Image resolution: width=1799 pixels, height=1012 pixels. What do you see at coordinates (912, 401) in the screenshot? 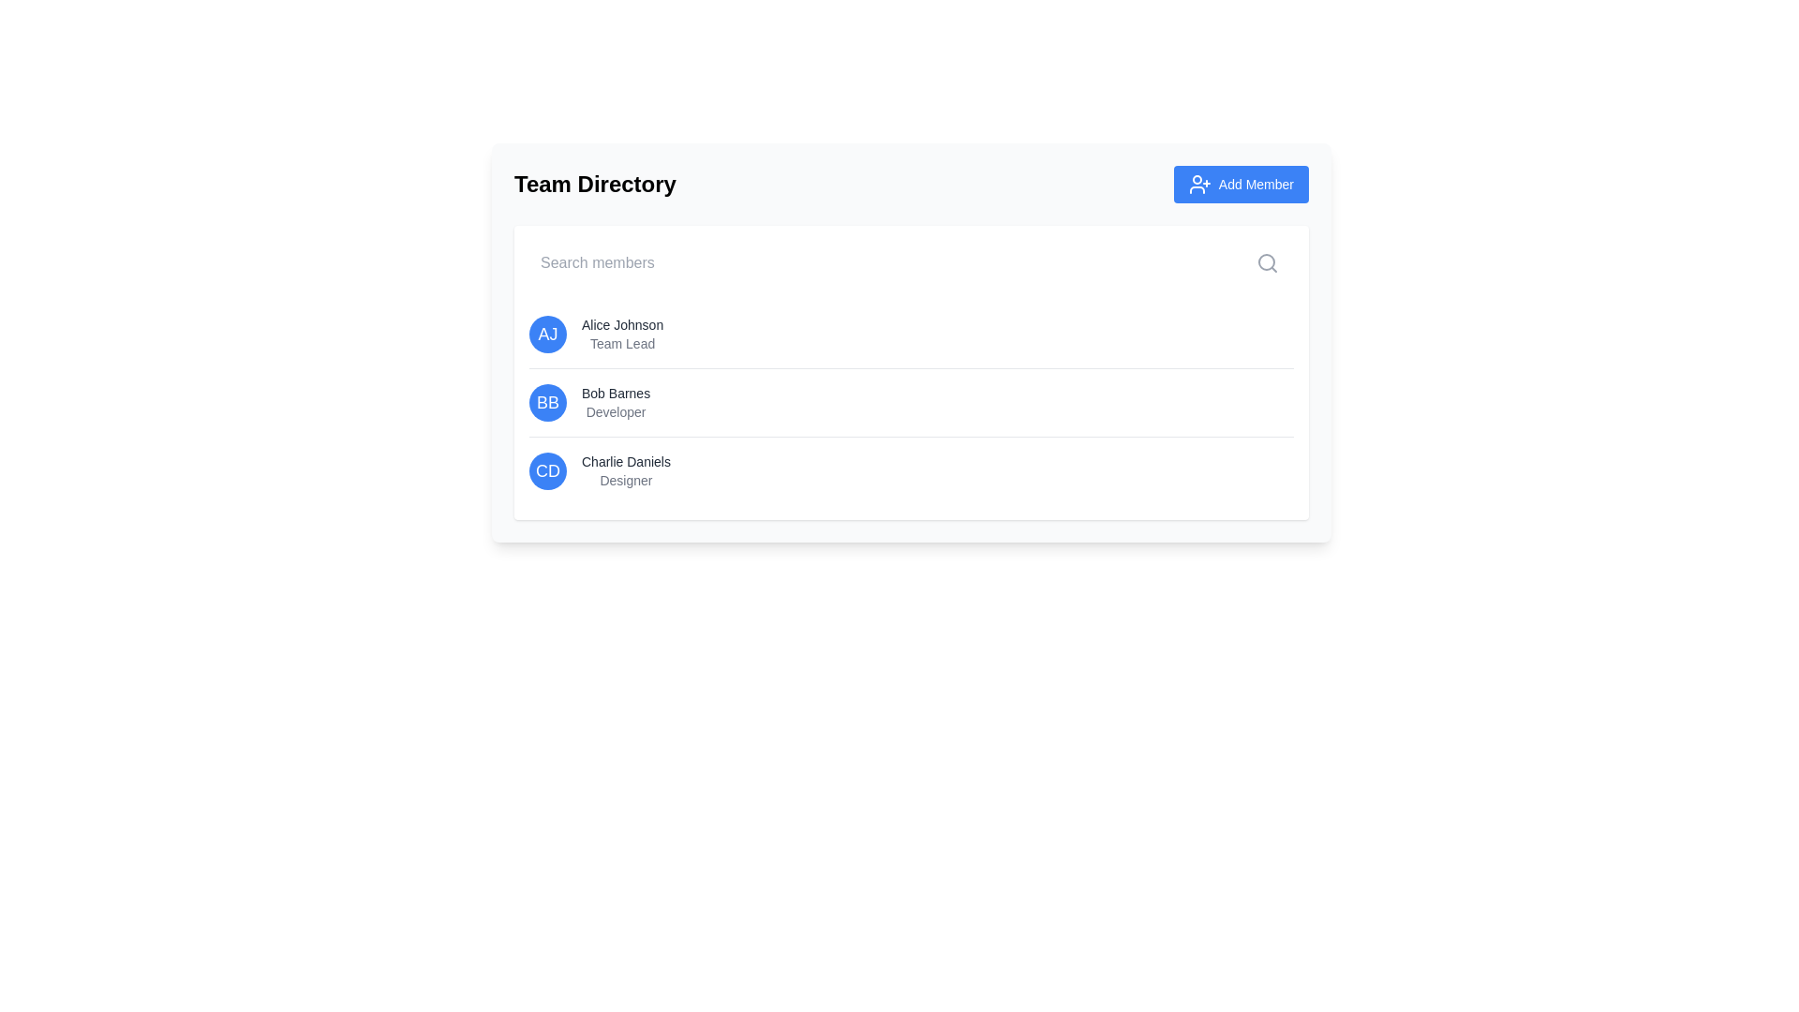
I see `user's profile summary displayed in the second item of the team directory list, located between Alice Johnson and Charlie Daniels` at bounding box center [912, 401].